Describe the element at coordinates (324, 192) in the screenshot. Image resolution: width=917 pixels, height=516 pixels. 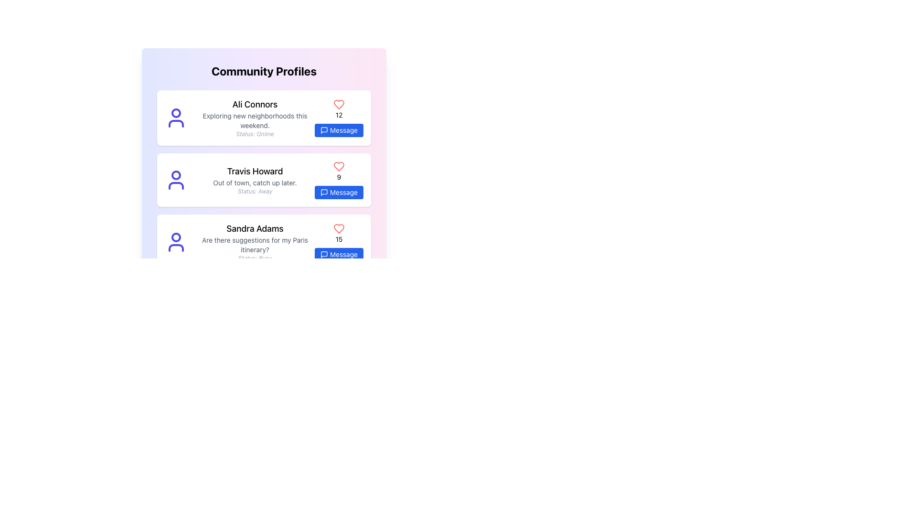
I see `the 'Message' button that contains the speech bubble icon, which is styled in a minimalist vector graphic design and located in the user profile card` at that location.